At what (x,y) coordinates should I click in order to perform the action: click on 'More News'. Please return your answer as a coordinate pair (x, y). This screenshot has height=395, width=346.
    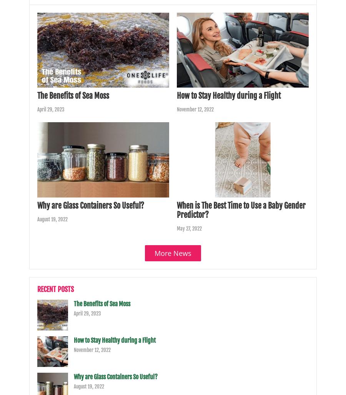
    Looking at the image, I should click on (173, 253).